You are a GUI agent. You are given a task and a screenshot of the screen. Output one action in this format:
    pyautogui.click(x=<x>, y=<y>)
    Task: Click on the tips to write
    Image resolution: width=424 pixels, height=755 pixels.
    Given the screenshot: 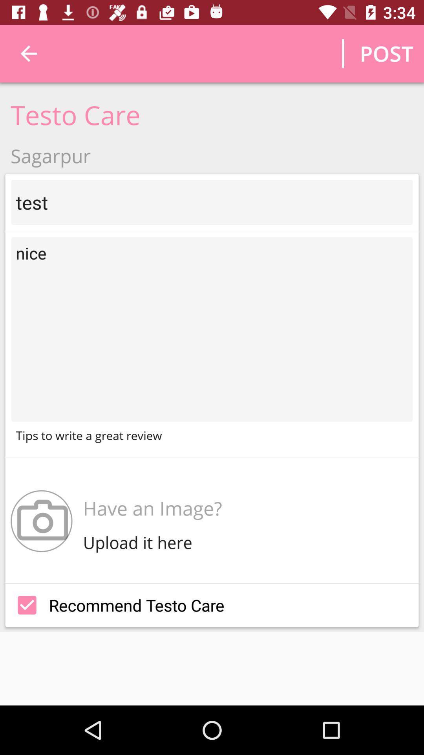 What is the action you would take?
    pyautogui.click(x=212, y=435)
    